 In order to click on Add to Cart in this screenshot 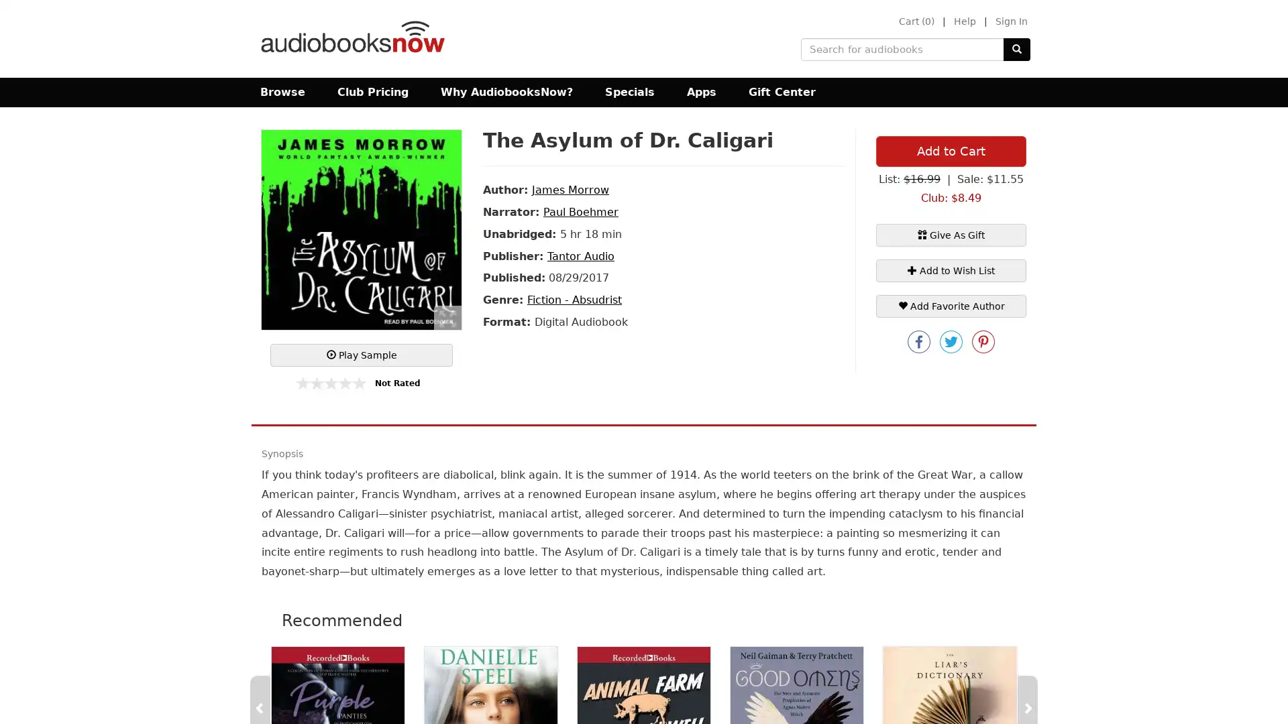, I will do `click(950, 151)`.